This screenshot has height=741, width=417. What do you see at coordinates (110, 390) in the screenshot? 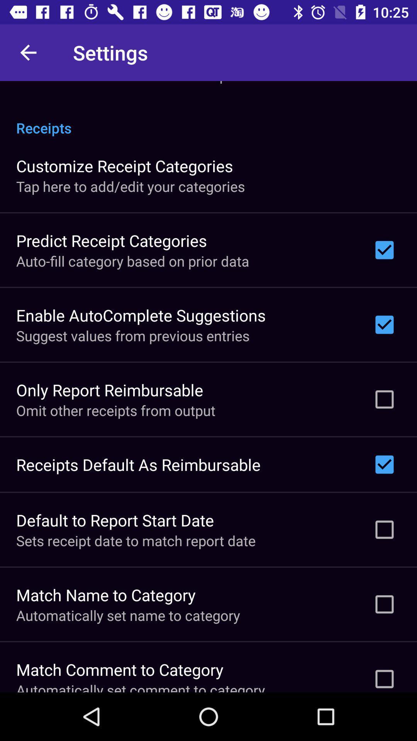
I see `item above omit other receipts icon` at bounding box center [110, 390].